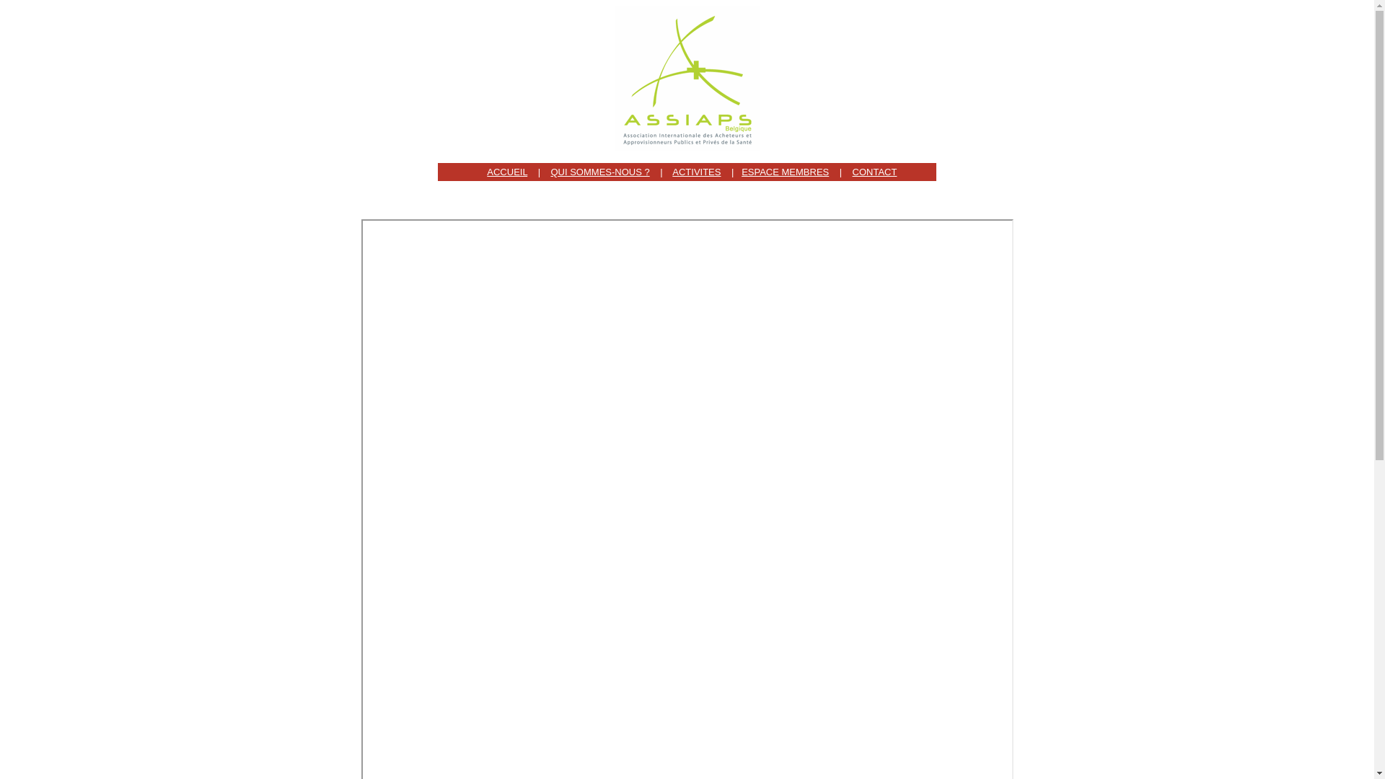 The image size is (1385, 779). What do you see at coordinates (506, 171) in the screenshot?
I see `'ACCUEIL'` at bounding box center [506, 171].